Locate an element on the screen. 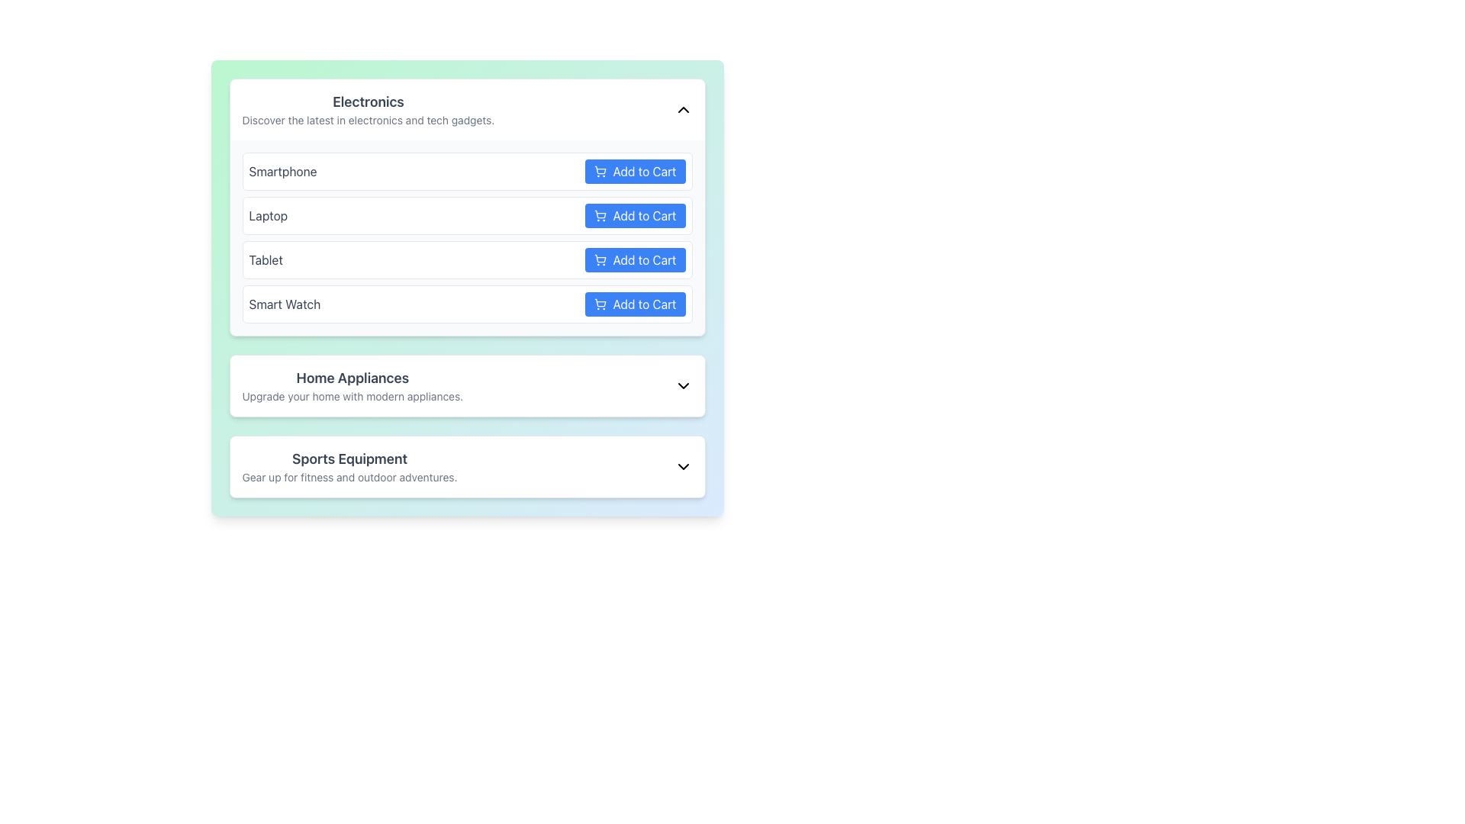 This screenshot has width=1465, height=824. the 'Electronics' text label, which is styled with a bold and larger font size in dark gray color, positioned at the top of a section containing a description about latest electronics and tech gadgets is located at coordinates (368, 102).